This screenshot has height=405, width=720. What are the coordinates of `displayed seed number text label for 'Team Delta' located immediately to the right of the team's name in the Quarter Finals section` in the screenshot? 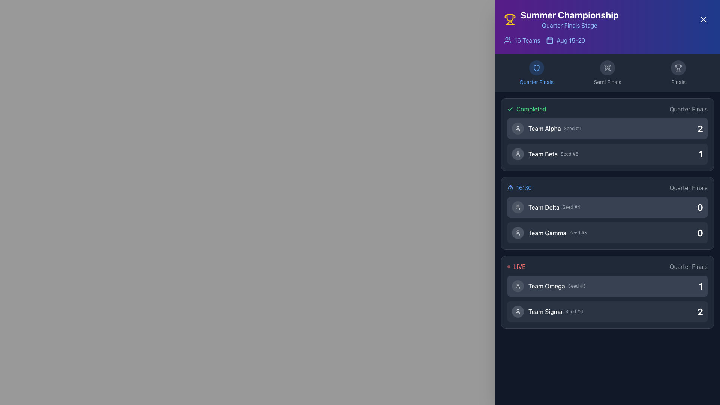 It's located at (571, 207).